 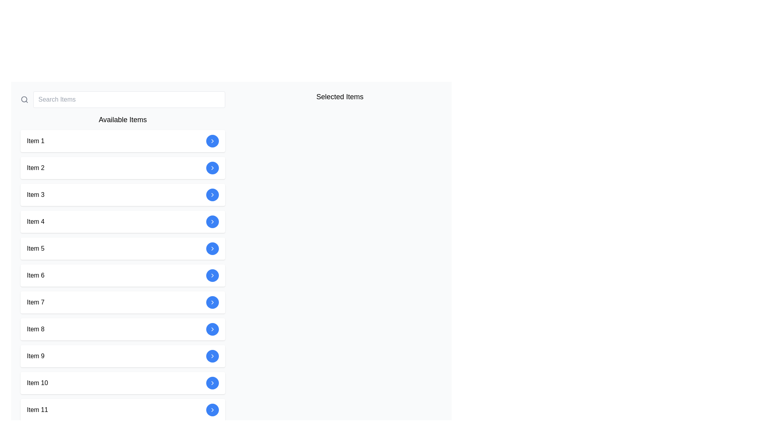 What do you see at coordinates (212, 275) in the screenshot?
I see `the circular blue button containing the chevron icon associated with 'Item 6' under the 'Available Items' section` at bounding box center [212, 275].